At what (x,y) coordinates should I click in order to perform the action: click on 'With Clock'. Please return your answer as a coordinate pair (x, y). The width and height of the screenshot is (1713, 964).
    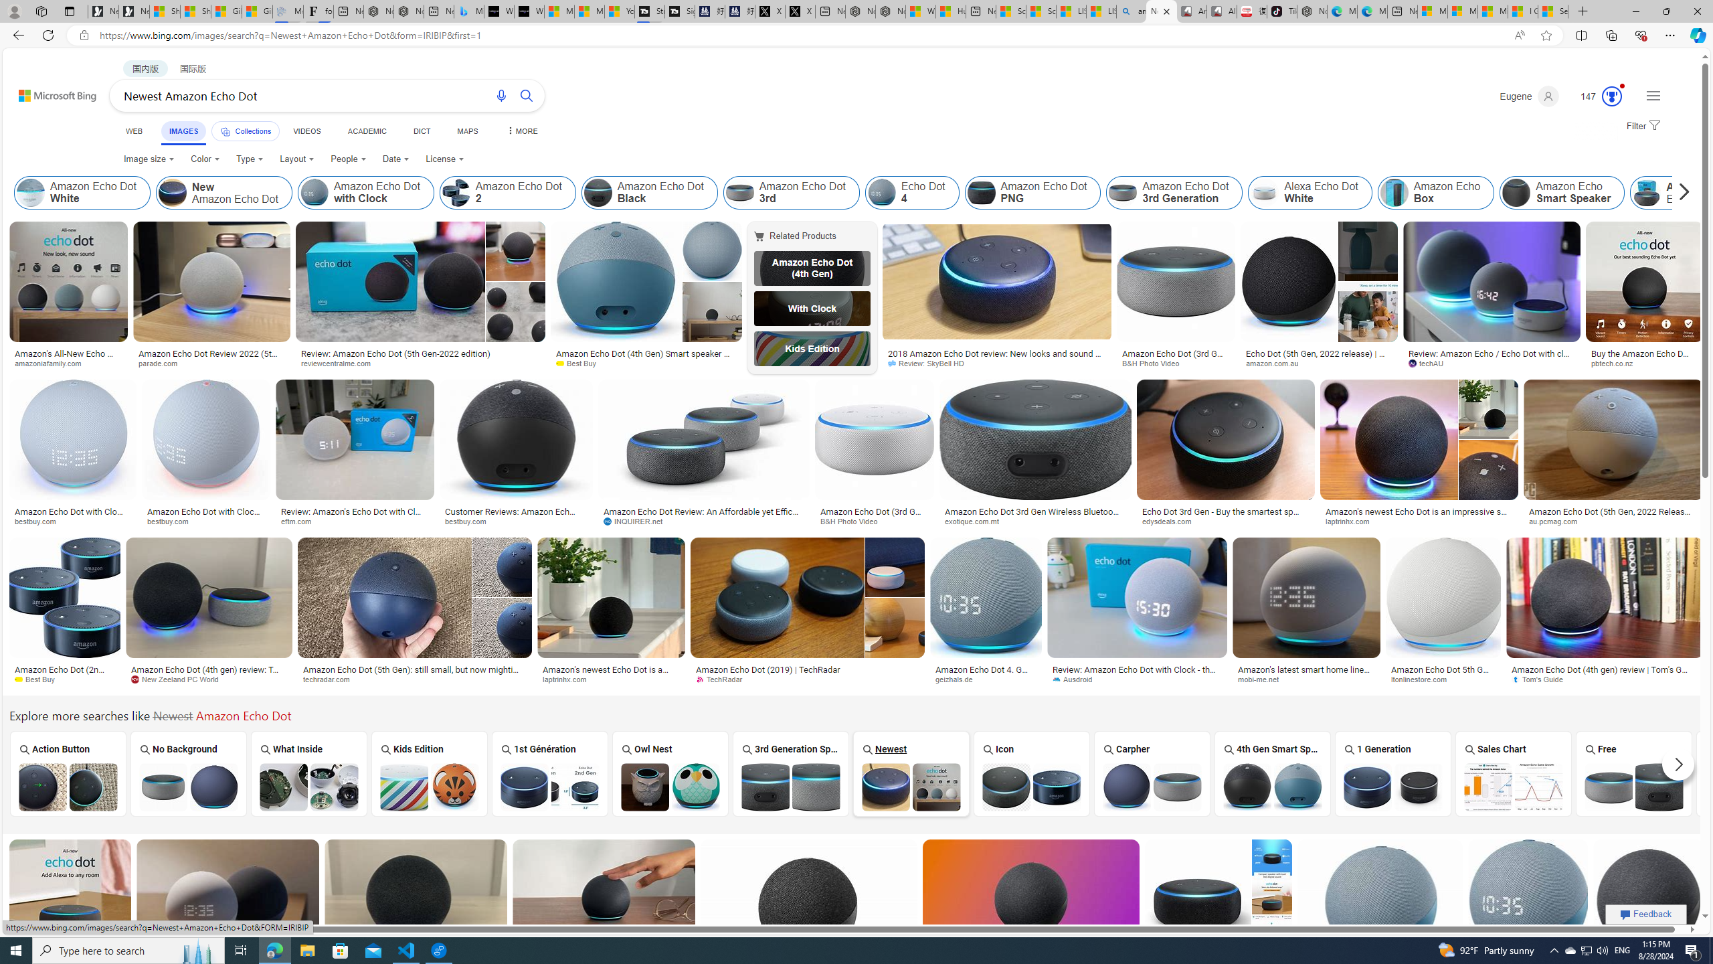
    Looking at the image, I should click on (811, 307).